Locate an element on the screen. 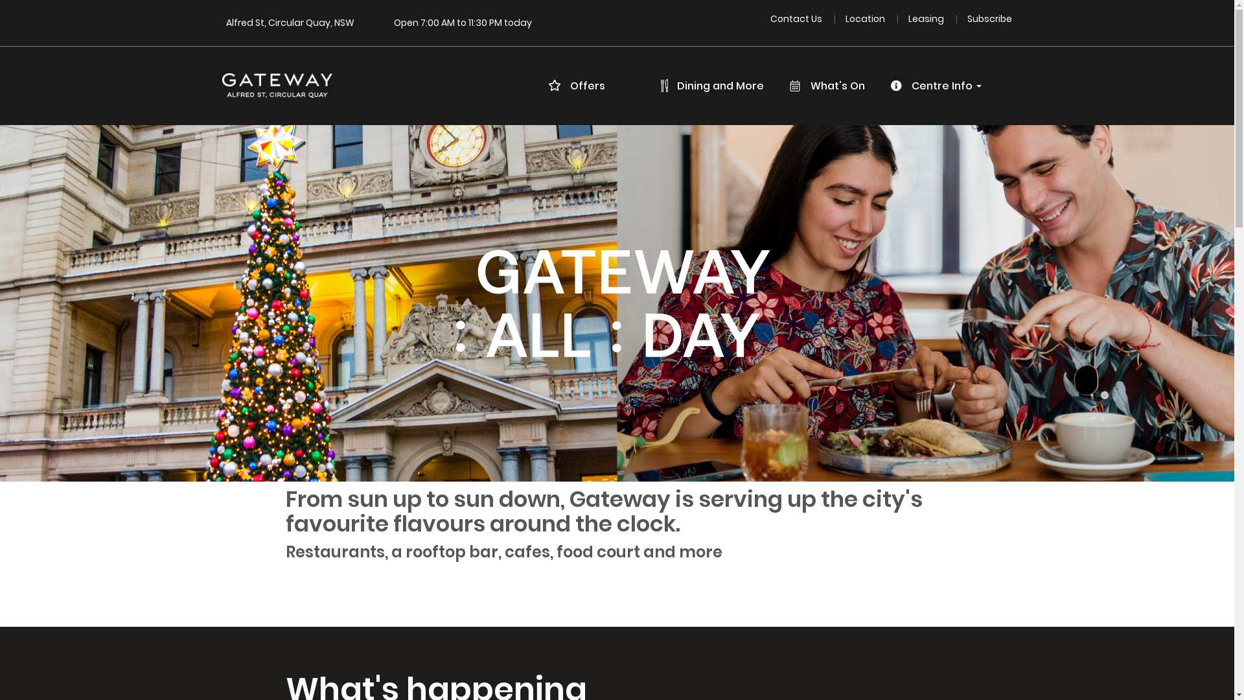  'Offers' is located at coordinates (541, 86).